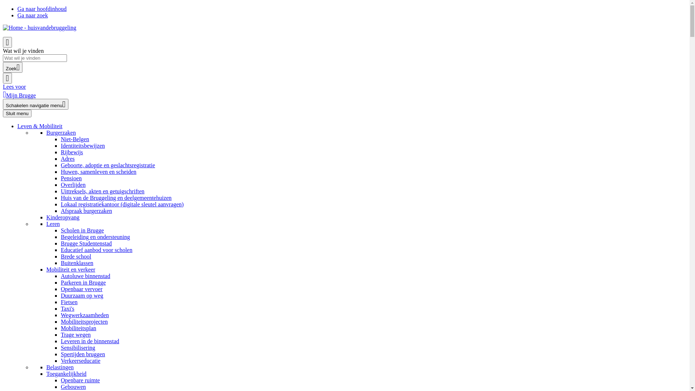  Describe the element at coordinates (76, 335) in the screenshot. I see `'Trage wegen'` at that location.